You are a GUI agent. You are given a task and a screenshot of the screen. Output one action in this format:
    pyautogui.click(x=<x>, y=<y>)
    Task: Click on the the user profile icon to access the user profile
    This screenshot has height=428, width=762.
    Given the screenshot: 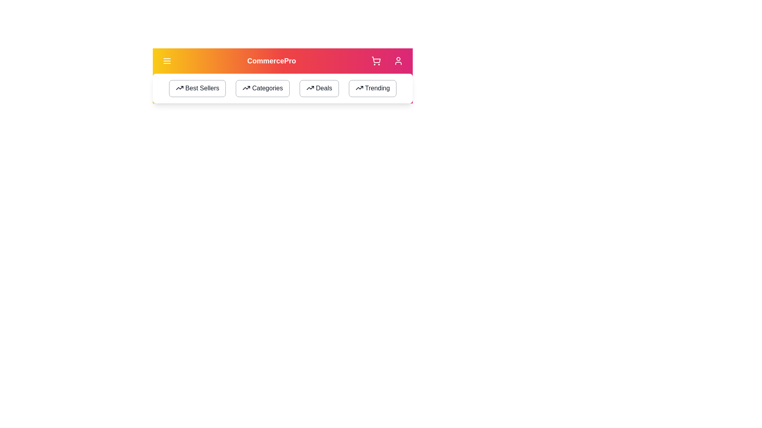 What is the action you would take?
    pyautogui.click(x=398, y=61)
    